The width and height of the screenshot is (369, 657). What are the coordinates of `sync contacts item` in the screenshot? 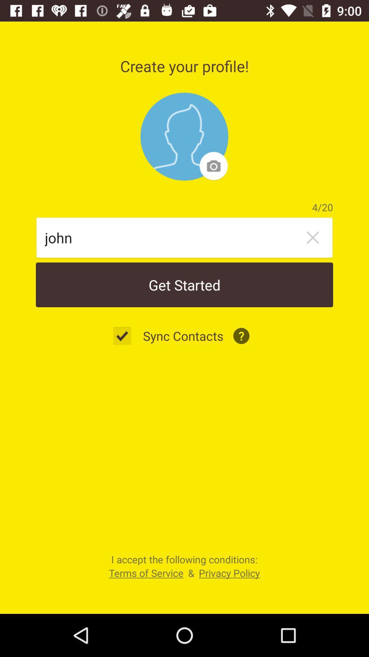 It's located at (183, 336).